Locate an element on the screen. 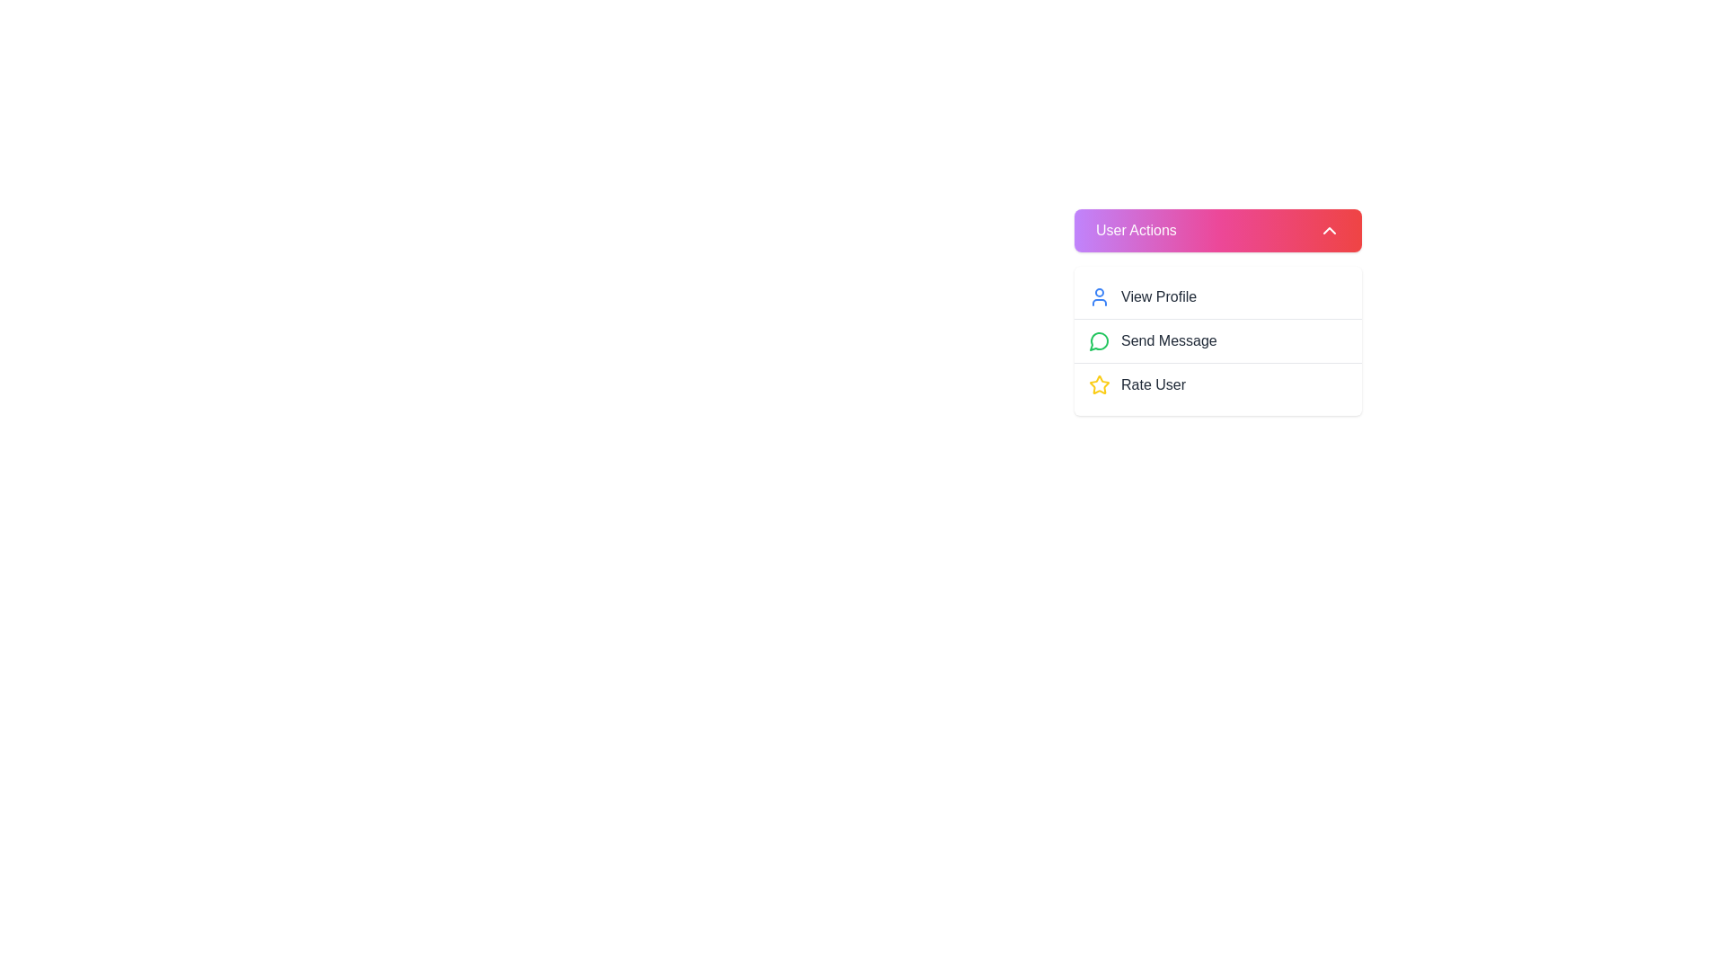  the 'Send Message' icon, which is the first item in the horizontal grouping is located at coordinates (1099, 341).